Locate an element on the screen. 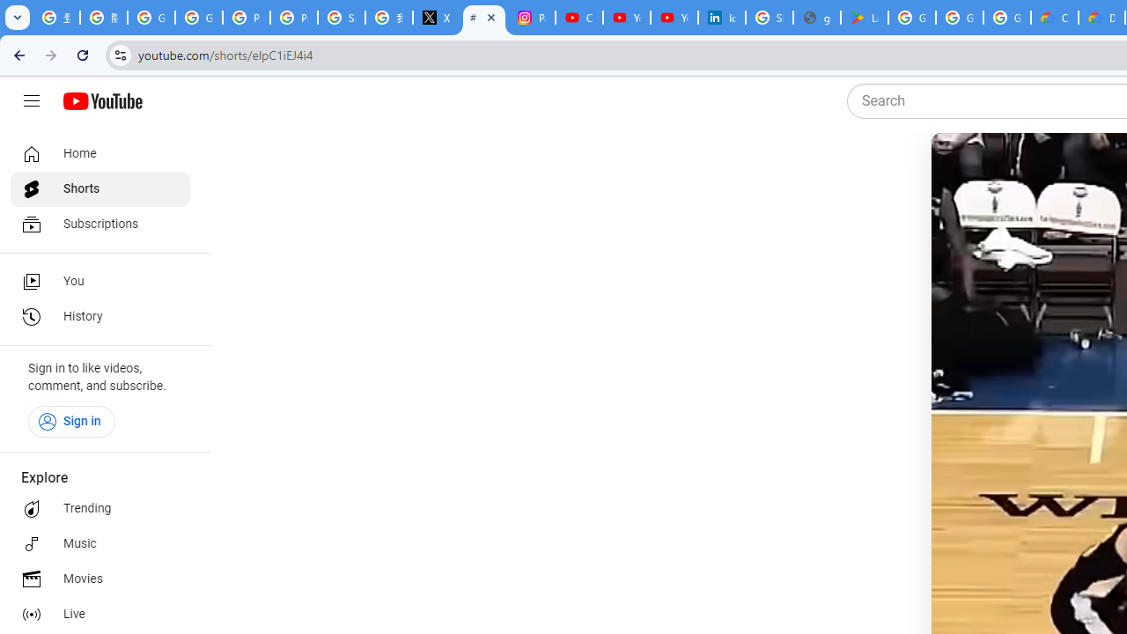 The image size is (1127, 634). 'Subscriptions' is located at coordinates (99, 223).